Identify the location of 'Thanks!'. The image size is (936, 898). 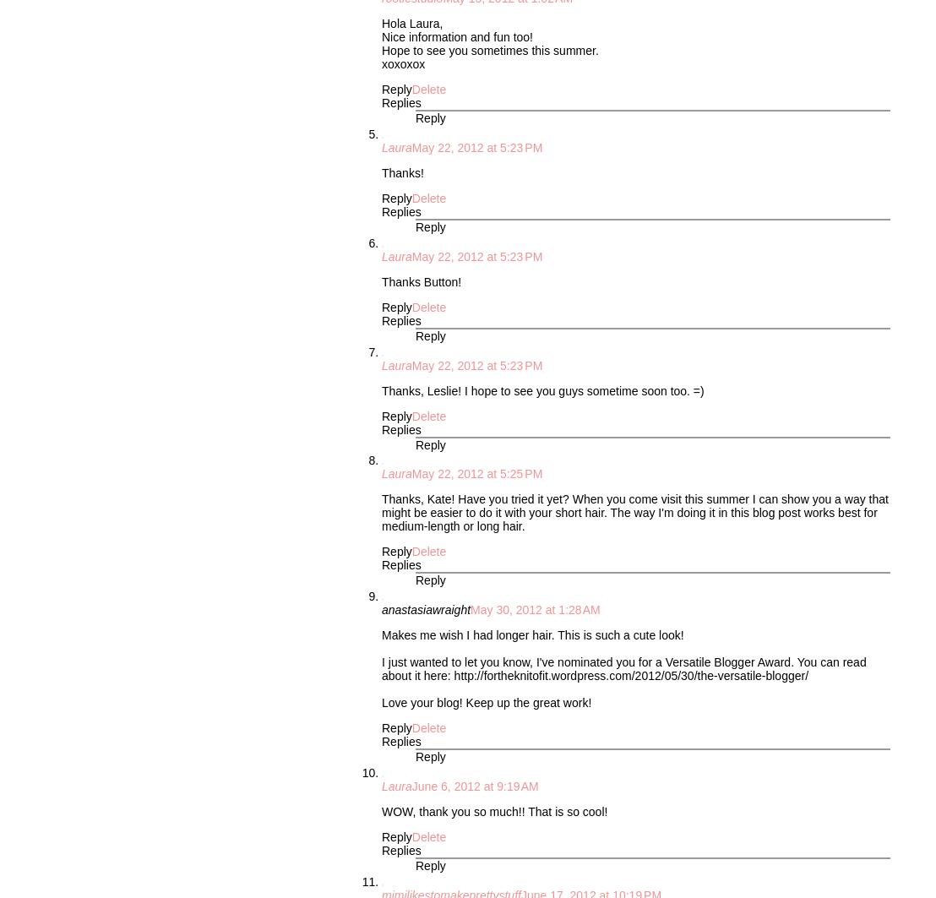
(402, 171).